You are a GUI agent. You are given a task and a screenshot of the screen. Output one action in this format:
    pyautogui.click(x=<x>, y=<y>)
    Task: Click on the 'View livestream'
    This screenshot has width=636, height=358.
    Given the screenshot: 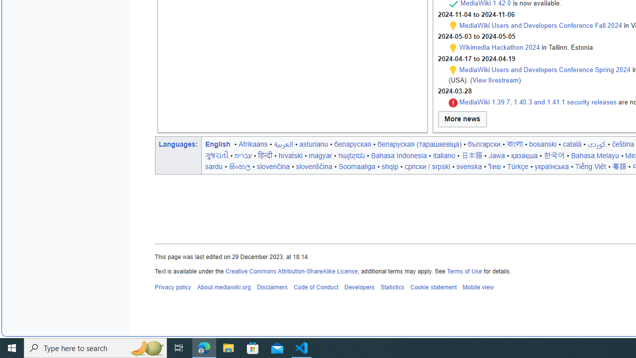 What is the action you would take?
    pyautogui.click(x=495, y=79)
    